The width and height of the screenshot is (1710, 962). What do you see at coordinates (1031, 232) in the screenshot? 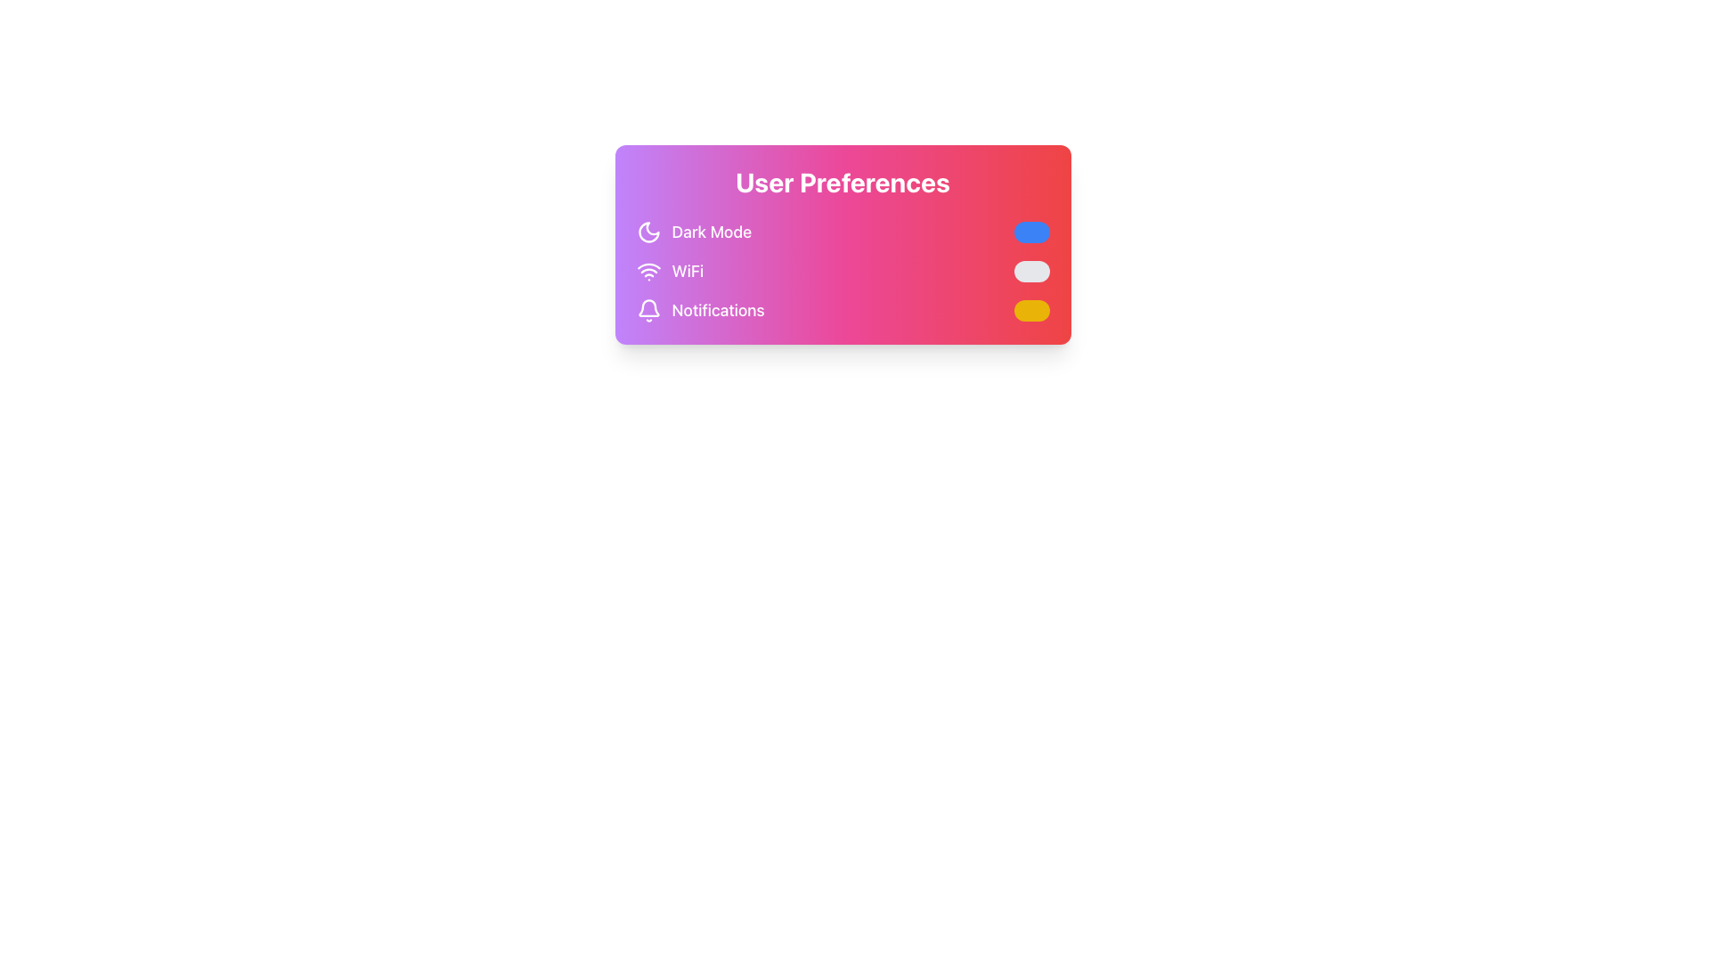
I see `the toggle switch in the top-right corner of the 'User Preferences' section to change its state for Dark Mode` at bounding box center [1031, 232].